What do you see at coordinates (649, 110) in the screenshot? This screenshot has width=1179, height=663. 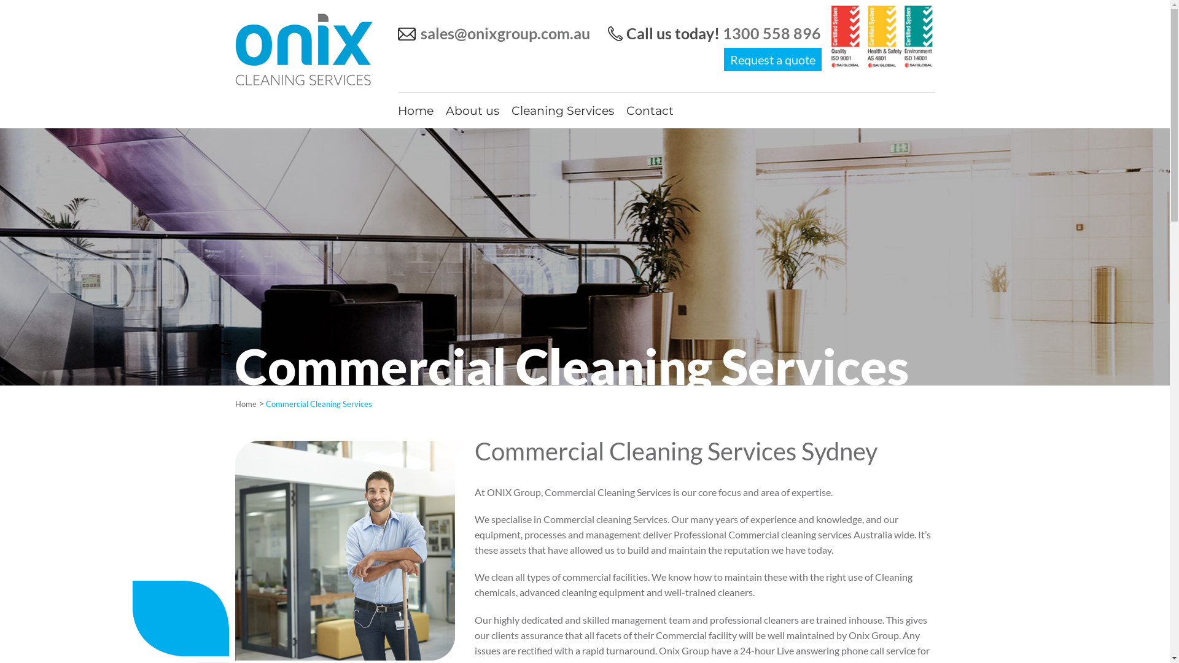 I see `'Contact'` at bounding box center [649, 110].